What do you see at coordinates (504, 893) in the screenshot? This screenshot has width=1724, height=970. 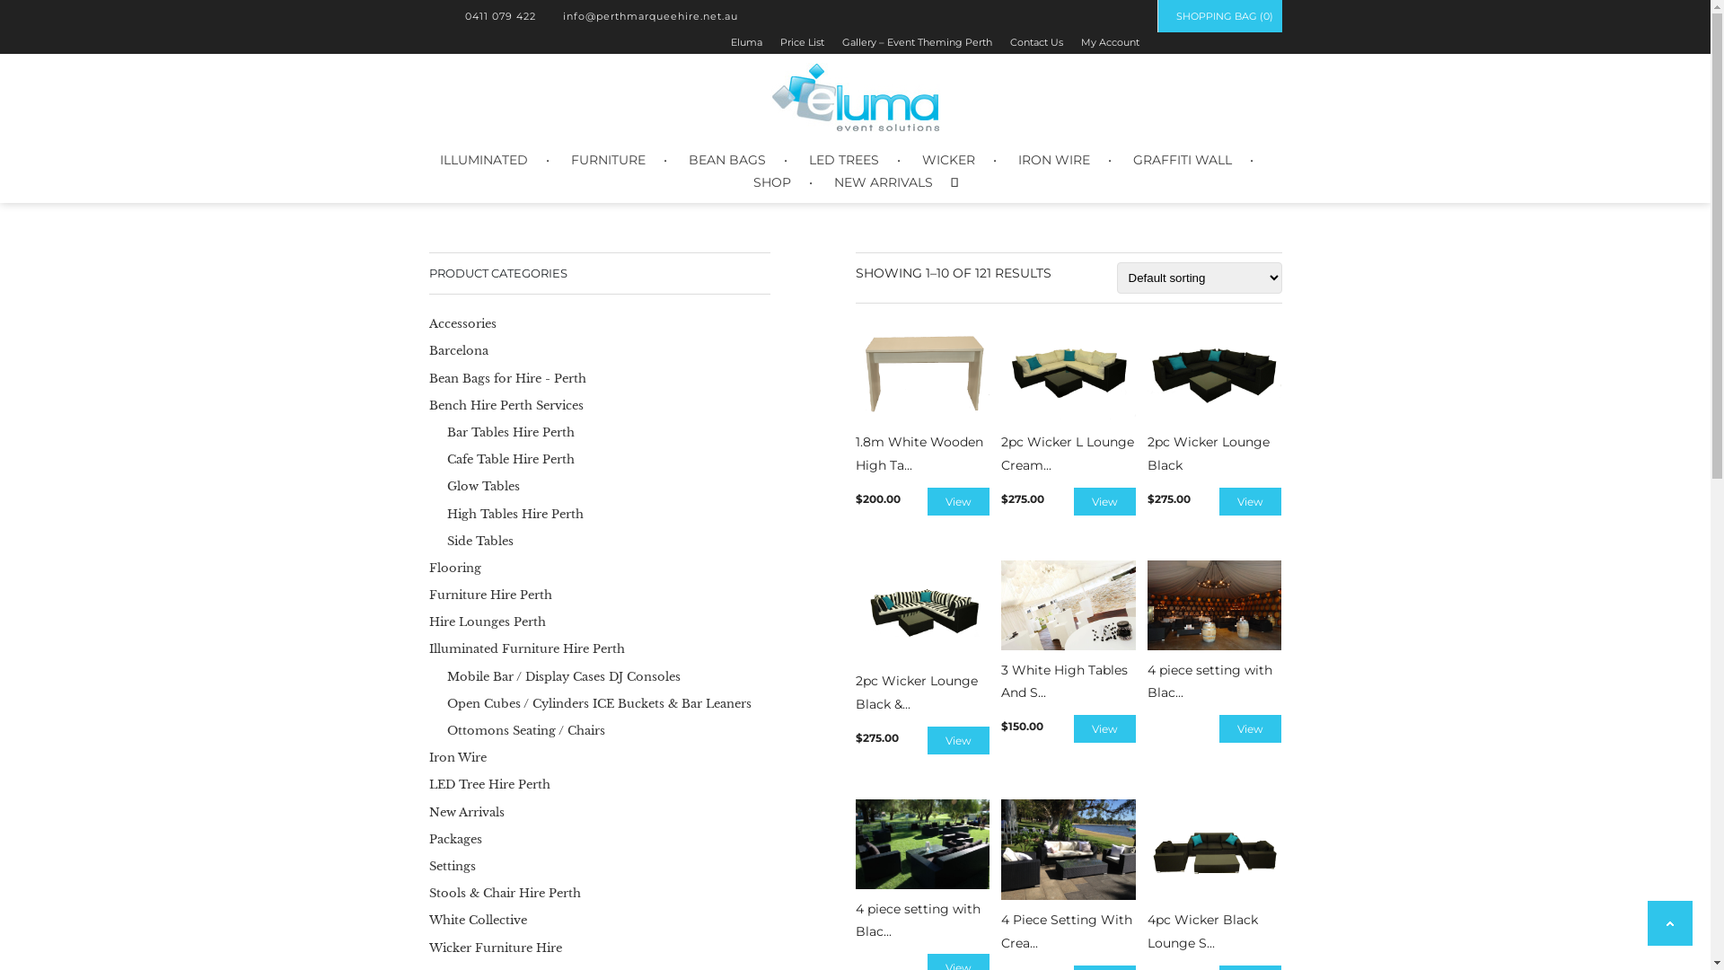 I see `'Stools & Chair Hire Perth'` at bounding box center [504, 893].